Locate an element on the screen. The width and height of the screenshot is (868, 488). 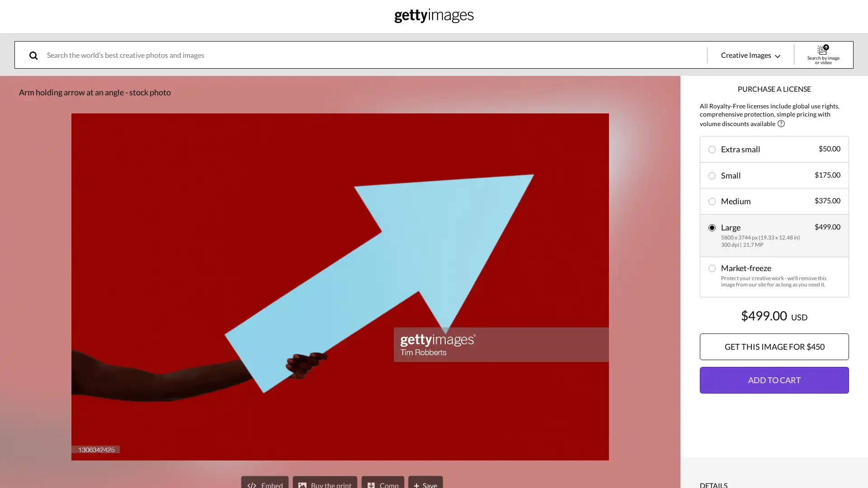
expand is located at coordinates (340, 286).